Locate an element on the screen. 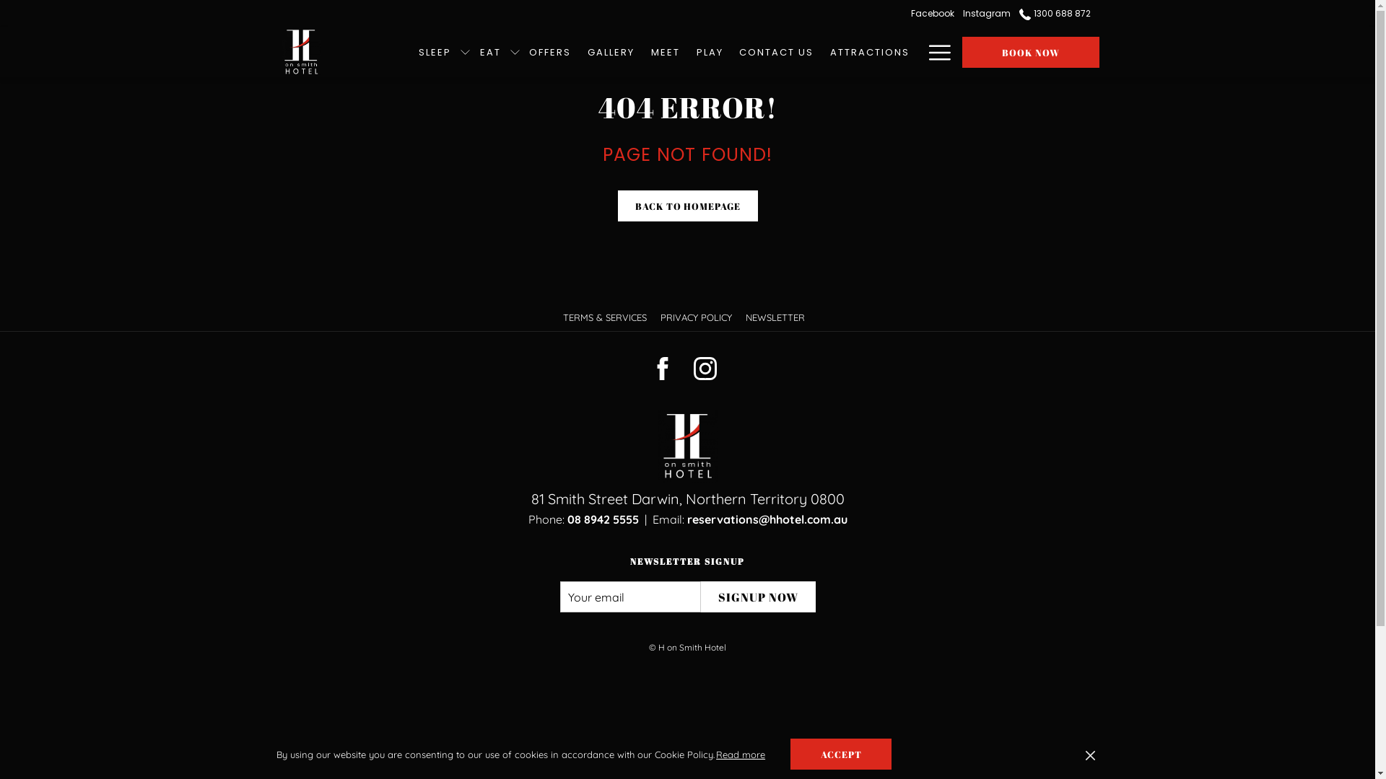 This screenshot has width=1386, height=779. 'ATTRACTIONS' is located at coordinates (821, 51).